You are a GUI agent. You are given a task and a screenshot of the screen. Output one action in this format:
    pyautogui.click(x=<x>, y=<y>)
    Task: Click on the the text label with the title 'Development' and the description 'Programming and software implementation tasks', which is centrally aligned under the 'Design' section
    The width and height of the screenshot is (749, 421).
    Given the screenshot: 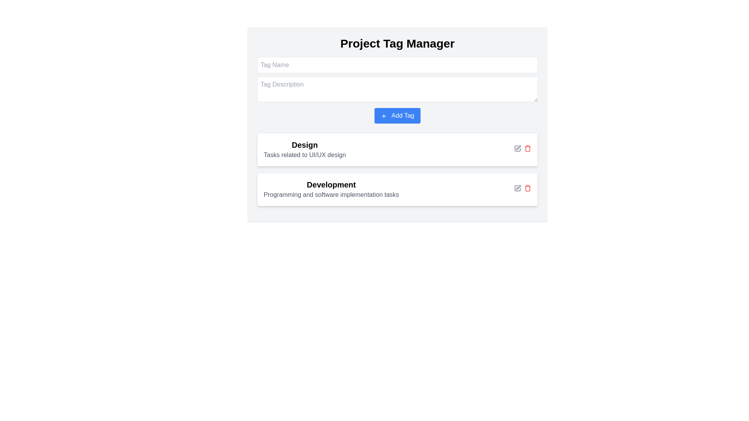 What is the action you would take?
    pyautogui.click(x=331, y=189)
    